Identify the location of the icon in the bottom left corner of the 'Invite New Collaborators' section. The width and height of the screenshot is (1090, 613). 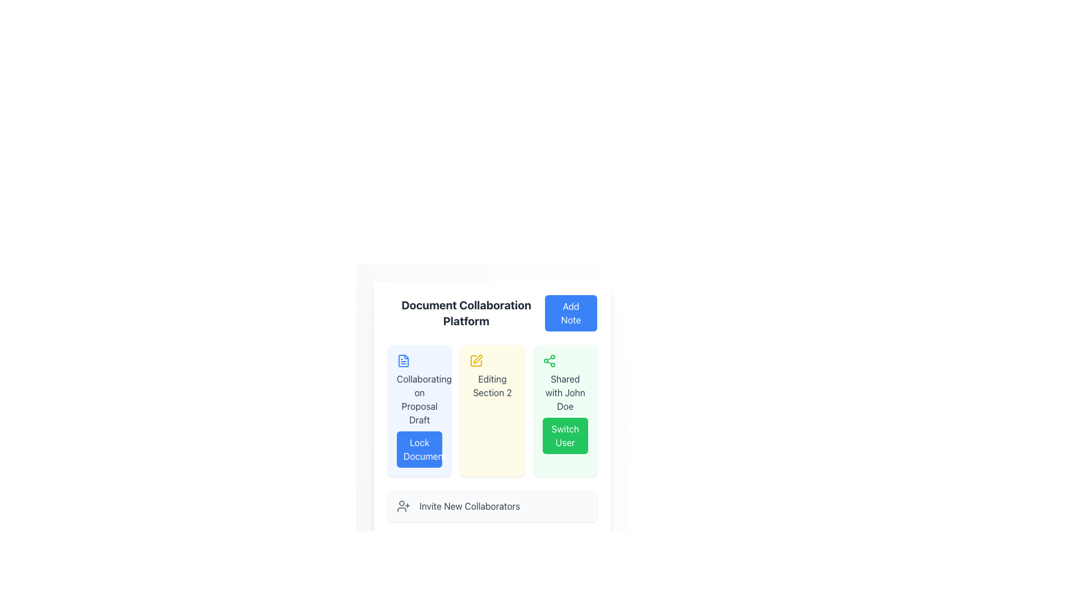
(403, 505).